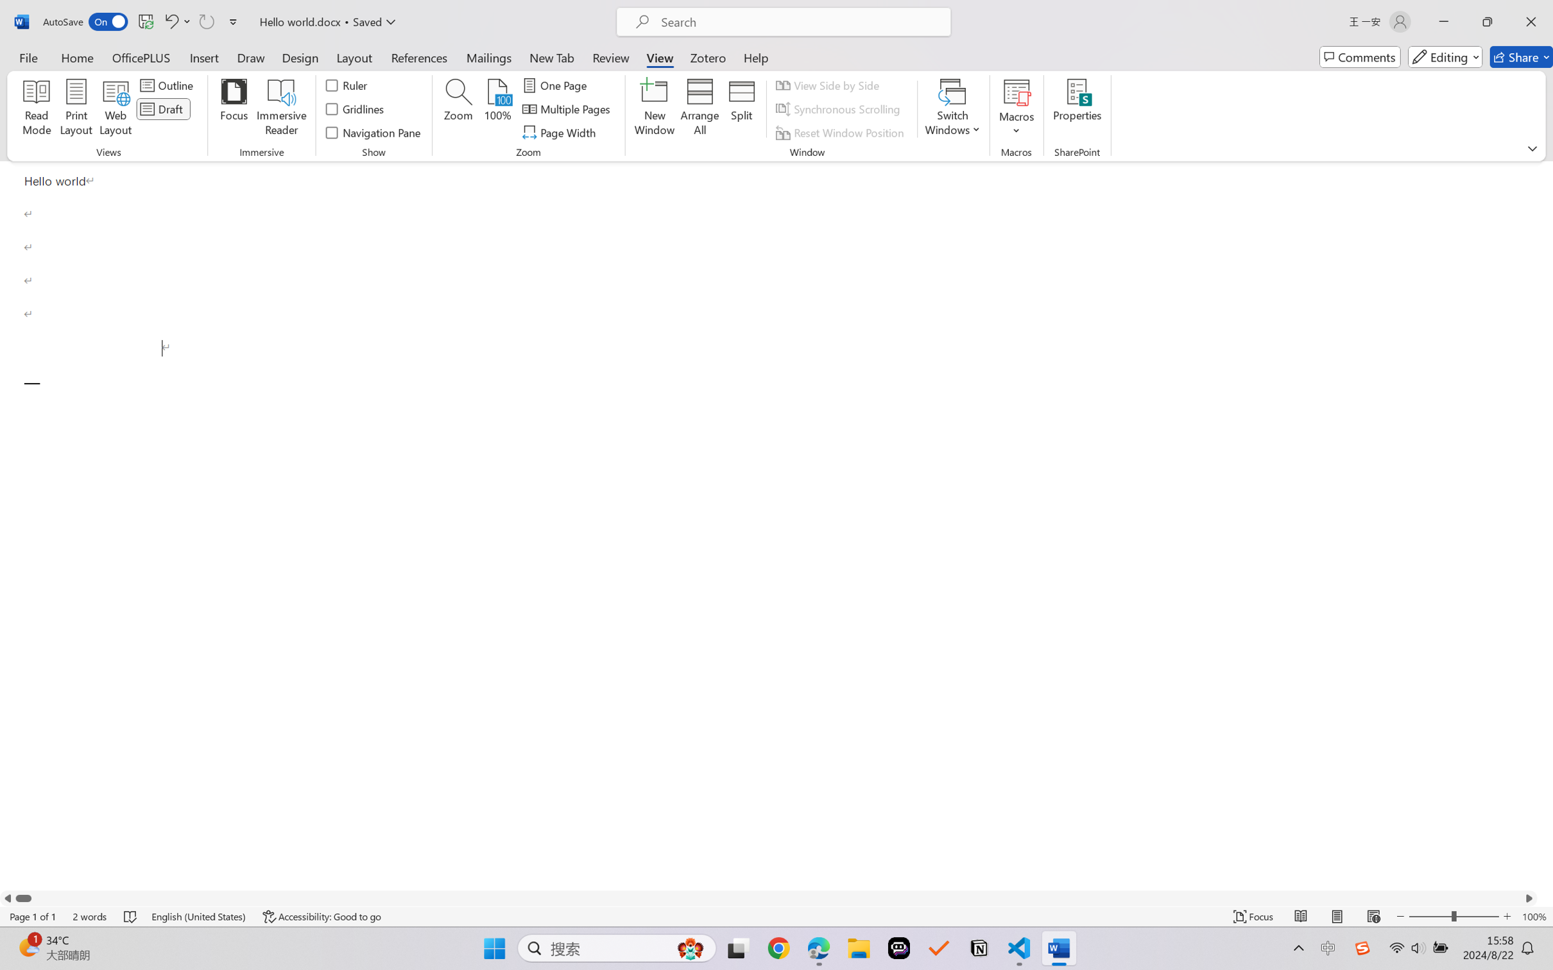 This screenshot has height=970, width=1553. I want to click on 'View', so click(660, 56).